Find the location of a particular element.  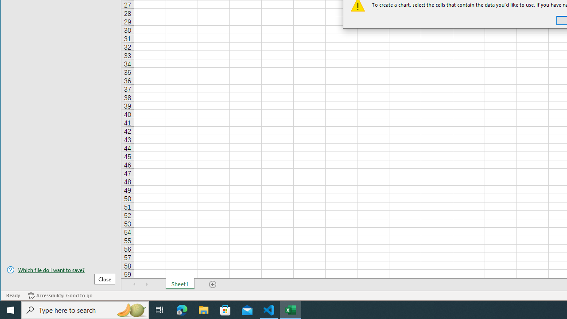

'Sheet1' is located at coordinates (179, 284).